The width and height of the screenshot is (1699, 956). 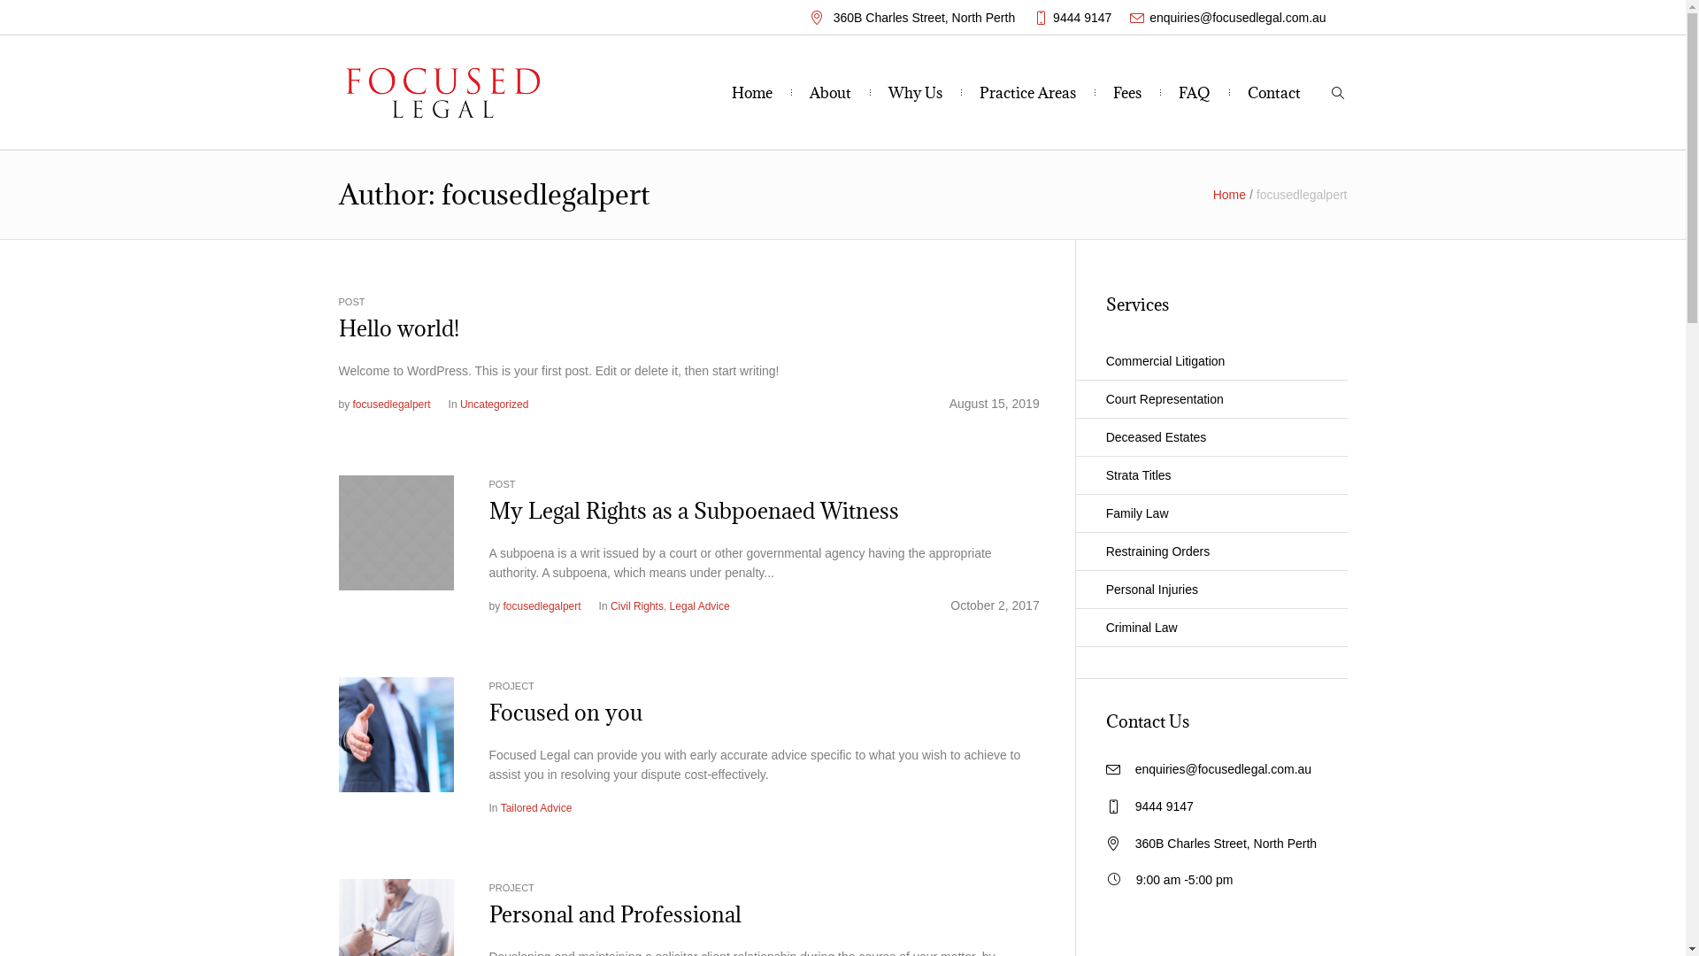 I want to click on 'Criminal Law', so click(x=1210, y=627).